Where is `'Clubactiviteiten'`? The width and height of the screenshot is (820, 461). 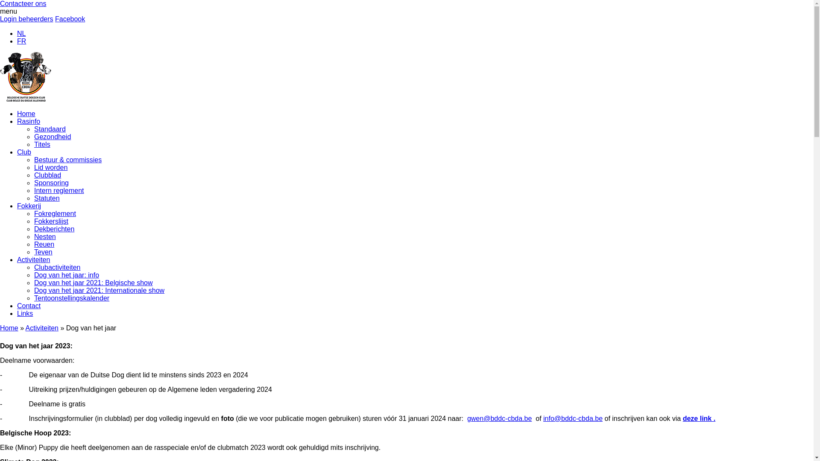 'Clubactiviteiten' is located at coordinates (57, 267).